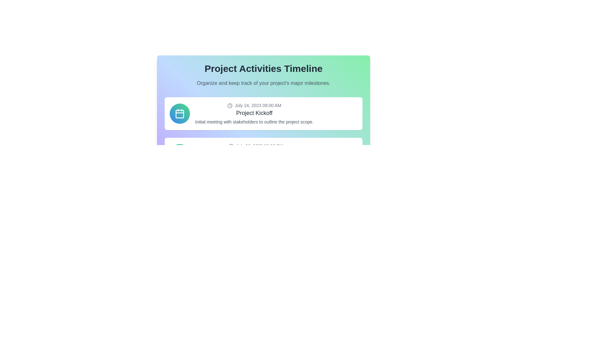 This screenshot has width=609, height=342. I want to click on the event indicator icon located centrally within the circular button on the timeline card related to project activities, so click(179, 154).